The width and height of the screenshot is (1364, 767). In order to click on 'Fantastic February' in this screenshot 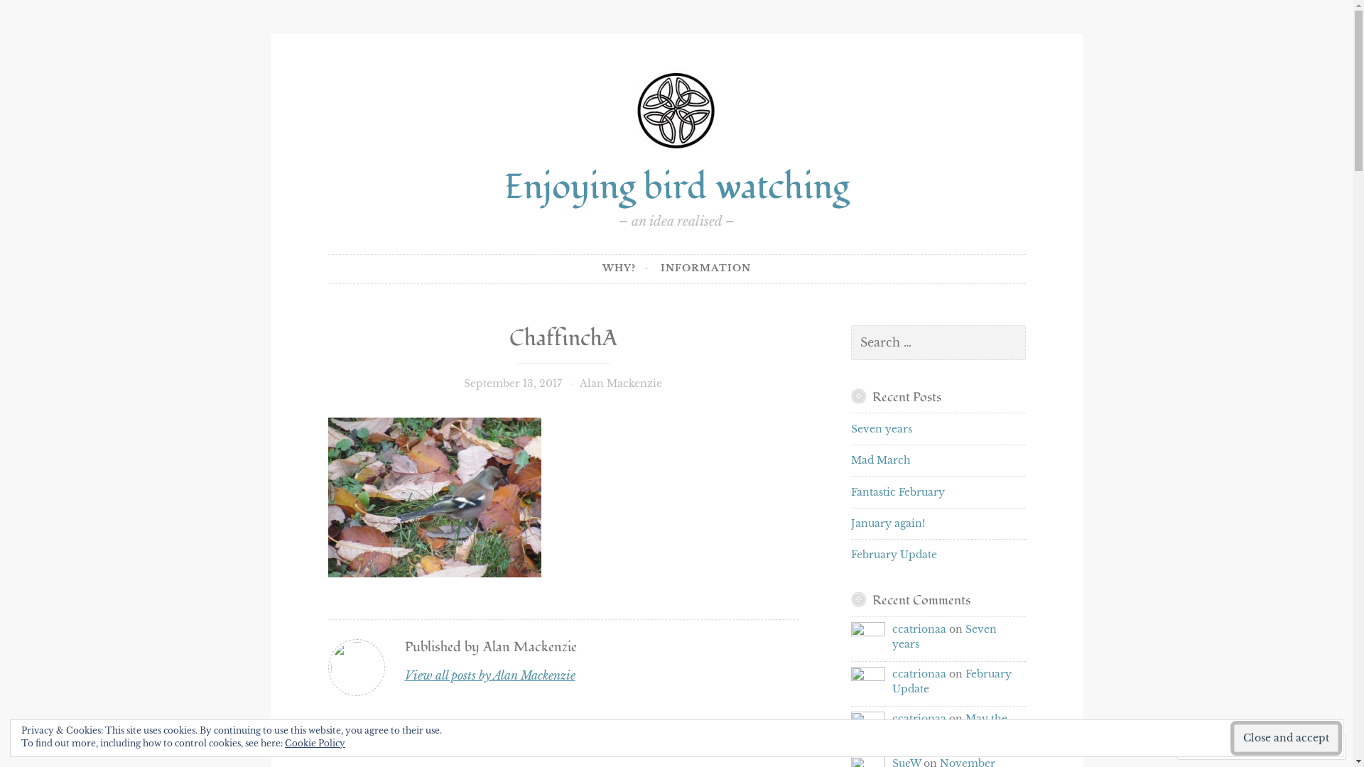, I will do `click(851, 491)`.